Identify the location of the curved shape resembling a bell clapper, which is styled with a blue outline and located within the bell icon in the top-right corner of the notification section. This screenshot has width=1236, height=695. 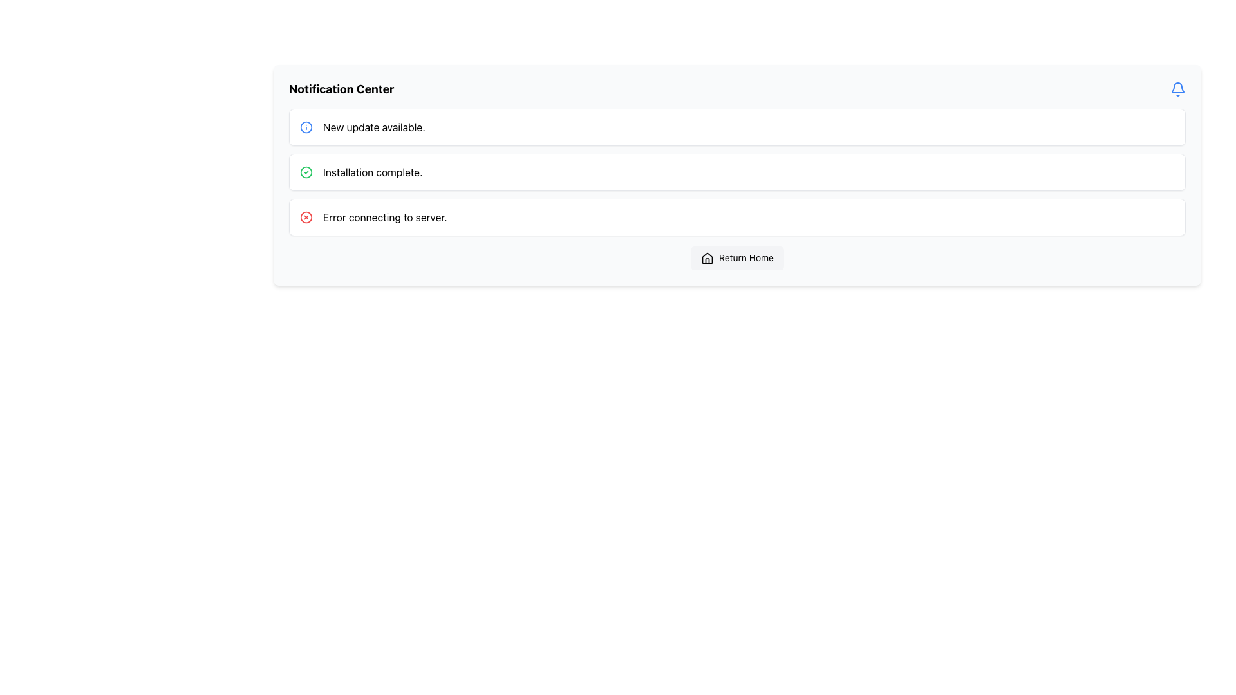
(1177, 87).